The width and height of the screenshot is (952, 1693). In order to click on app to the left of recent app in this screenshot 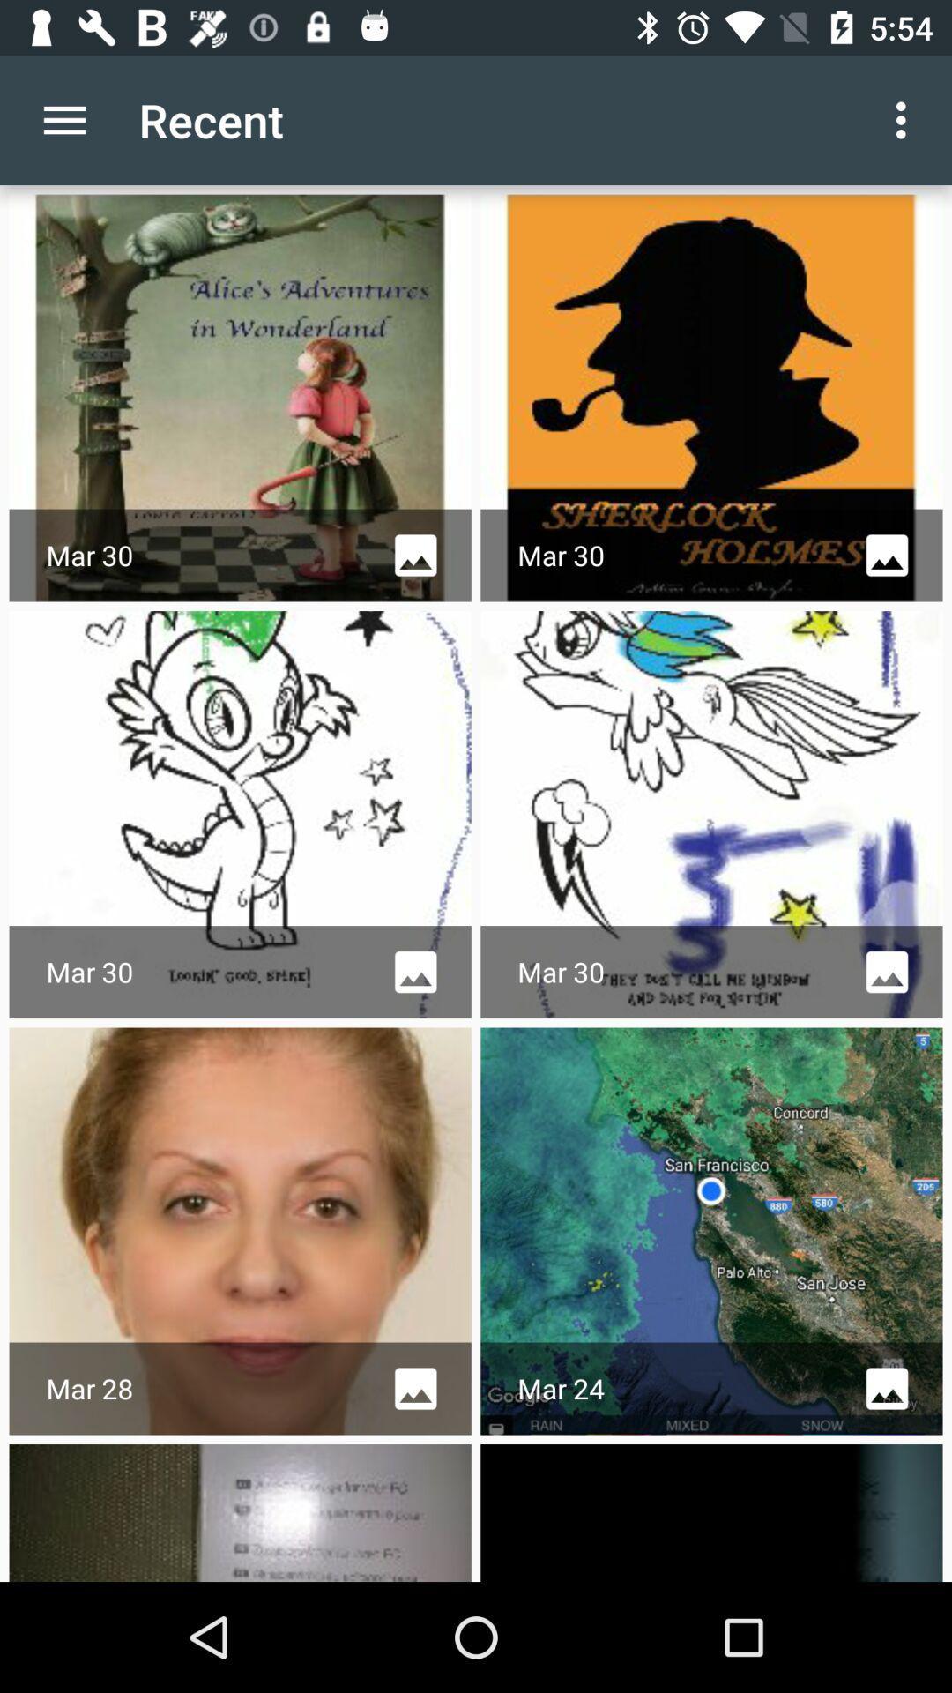, I will do `click(63, 119)`.